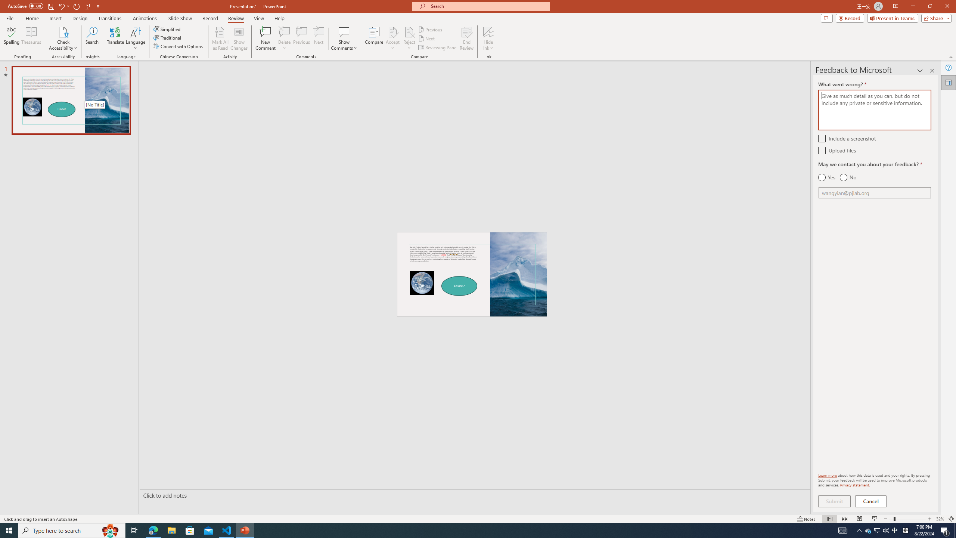 Image resolution: width=956 pixels, height=538 pixels. I want to click on 'Reject', so click(409, 38).